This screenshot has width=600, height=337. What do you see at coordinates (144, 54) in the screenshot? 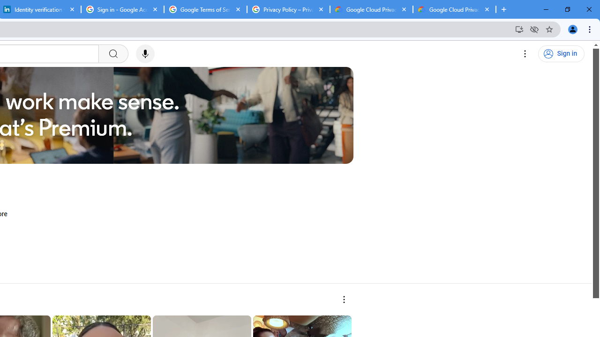
I see `'Search with your voice'` at bounding box center [144, 54].